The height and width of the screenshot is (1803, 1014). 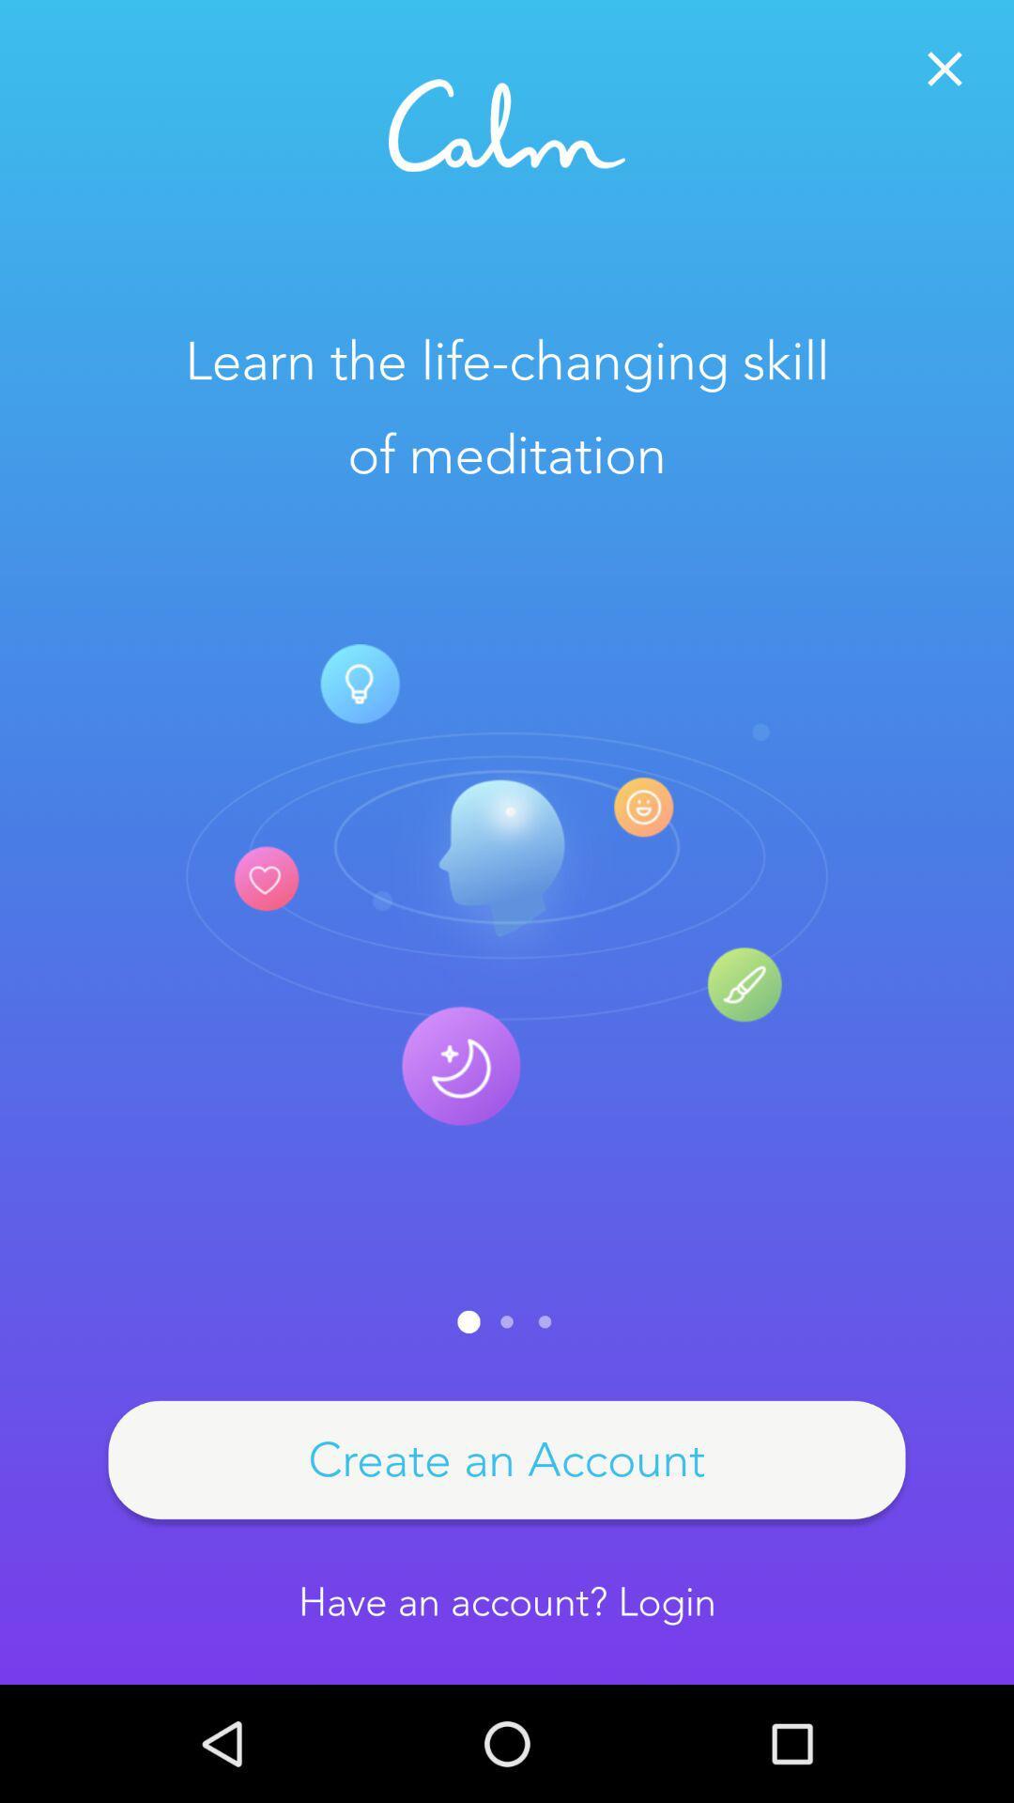 What do you see at coordinates (945, 69) in the screenshot?
I see `button` at bounding box center [945, 69].